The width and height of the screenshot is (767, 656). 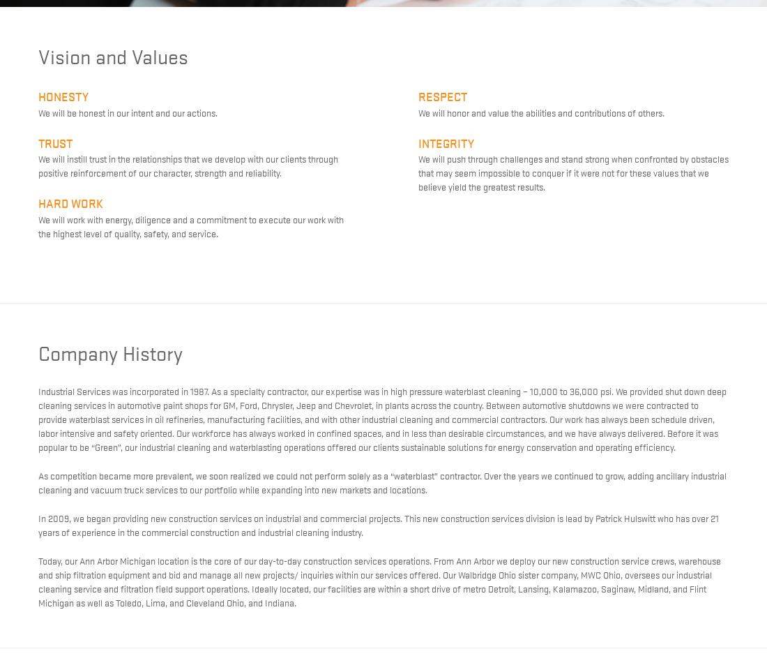 What do you see at coordinates (442, 95) in the screenshot?
I see `'Respect'` at bounding box center [442, 95].